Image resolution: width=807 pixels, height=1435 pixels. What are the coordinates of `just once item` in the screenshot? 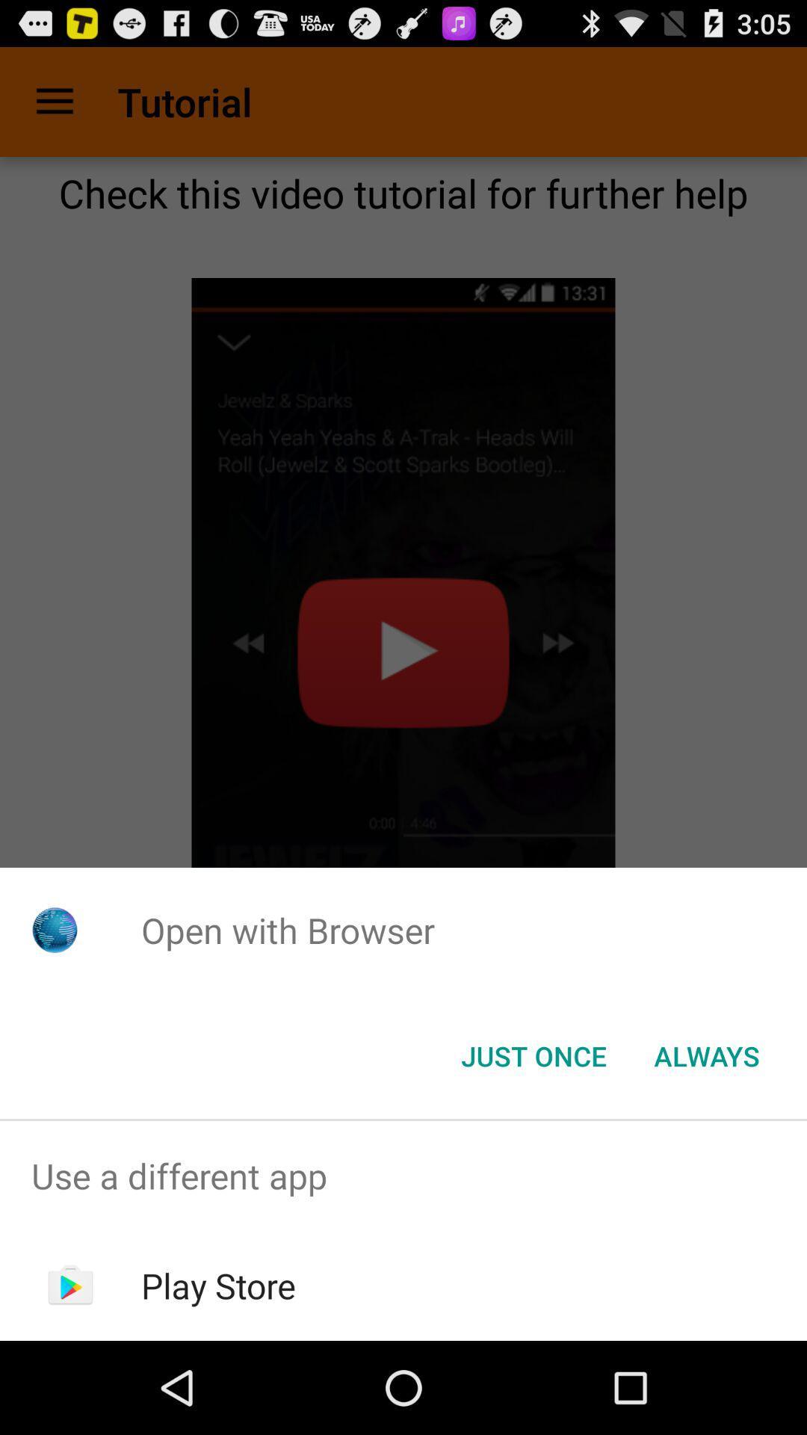 It's located at (533, 1055).